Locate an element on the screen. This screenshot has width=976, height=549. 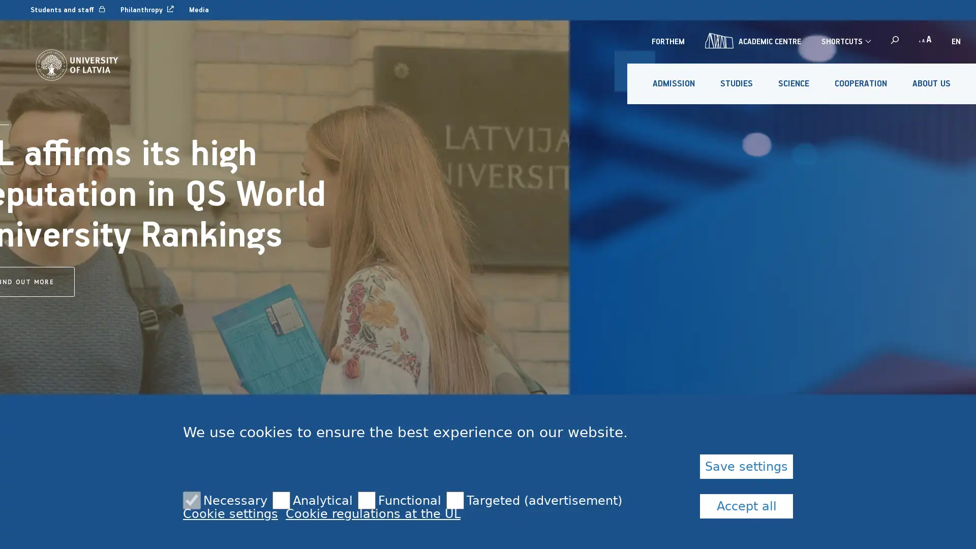
COOPERATION is located at coordinates (860, 83).